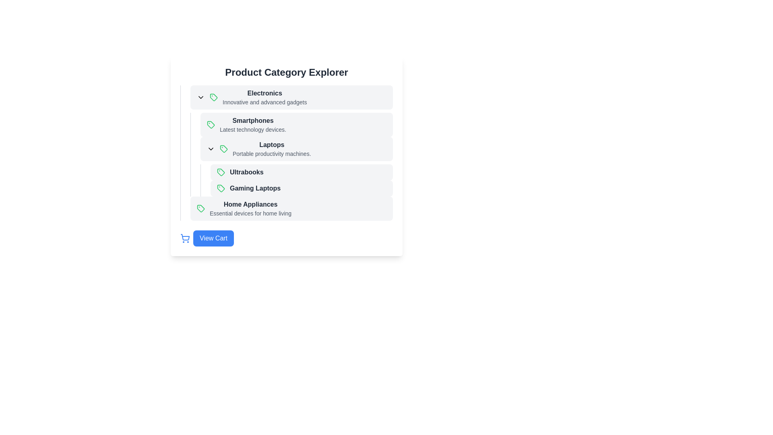 This screenshot has height=435, width=773. Describe the element at coordinates (265, 102) in the screenshot. I see `the text element that says 'Innovative and advanced gadgets', which is styled in a smaller gray font and positioned beneath the 'Electronics' heading in the 'Product Category Explorer' section` at that location.